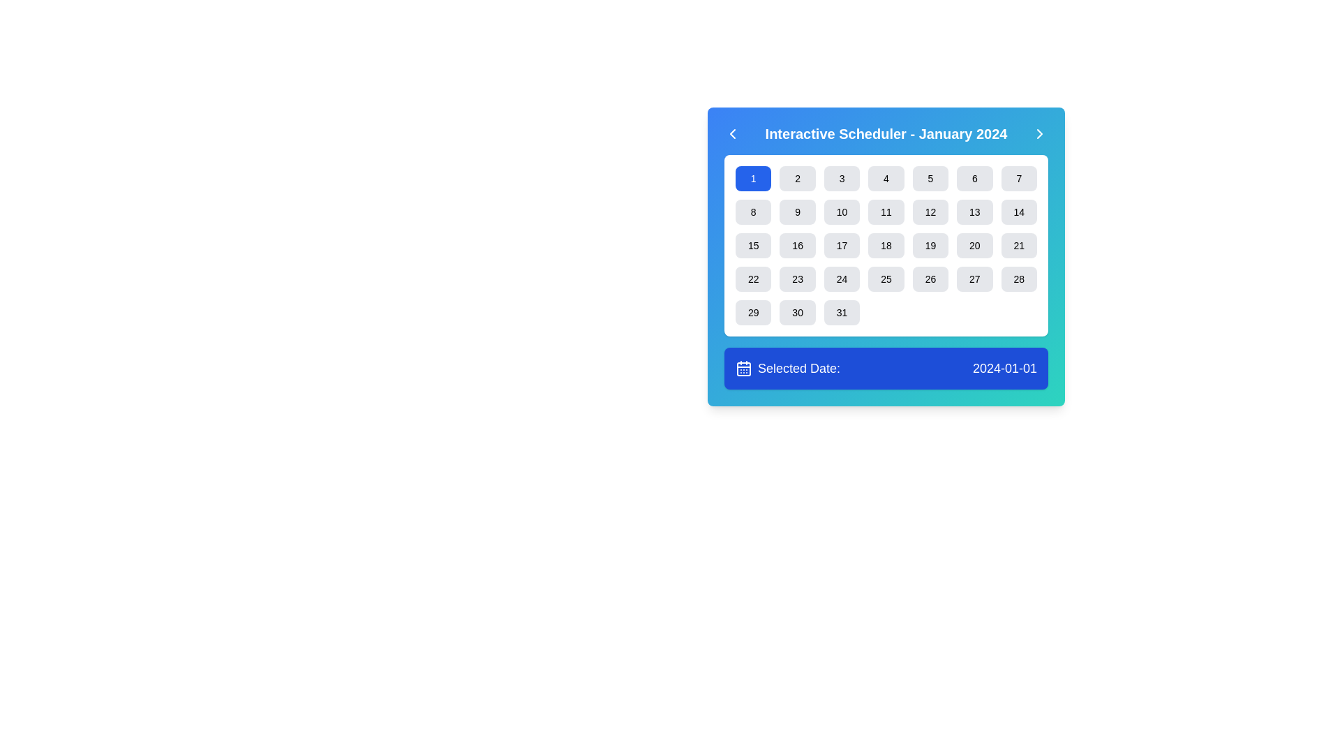 The width and height of the screenshot is (1340, 754). What do you see at coordinates (841, 311) in the screenshot?
I see `the gray rectangular button labeled '31' in the calendar interface to observe the hover effect` at bounding box center [841, 311].